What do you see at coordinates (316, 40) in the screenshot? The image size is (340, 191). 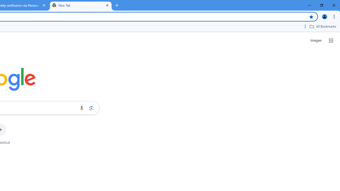 I see `'Search for Images '` at bounding box center [316, 40].